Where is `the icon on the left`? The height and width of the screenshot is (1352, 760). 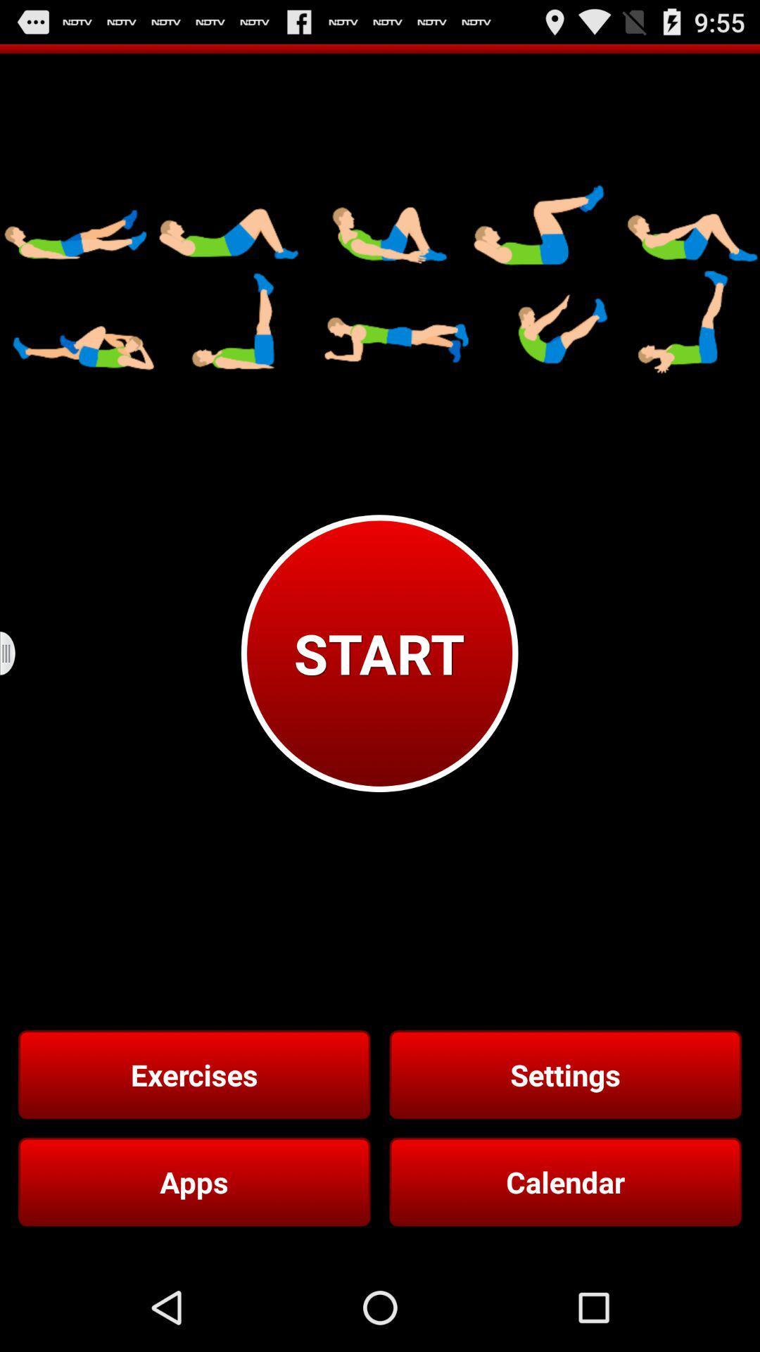 the icon on the left is located at coordinates (16, 653).